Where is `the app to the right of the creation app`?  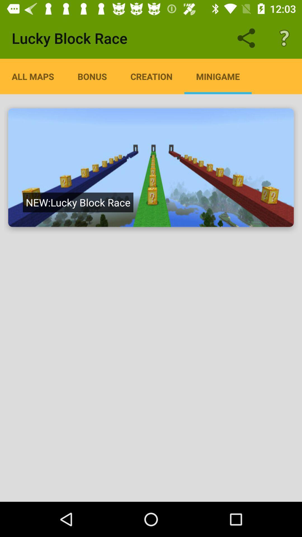 the app to the right of the creation app is located at coordinates (218, 76).